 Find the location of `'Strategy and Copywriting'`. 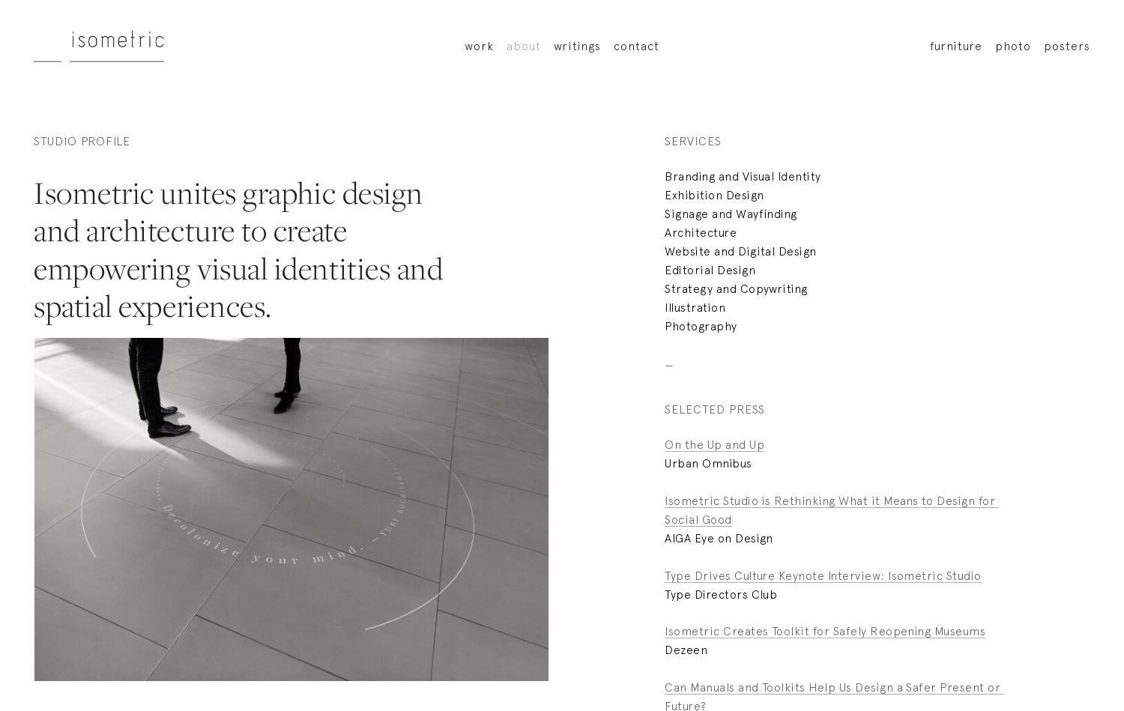

'Strategy and Copywriting' is located at coordinates (735, 287).